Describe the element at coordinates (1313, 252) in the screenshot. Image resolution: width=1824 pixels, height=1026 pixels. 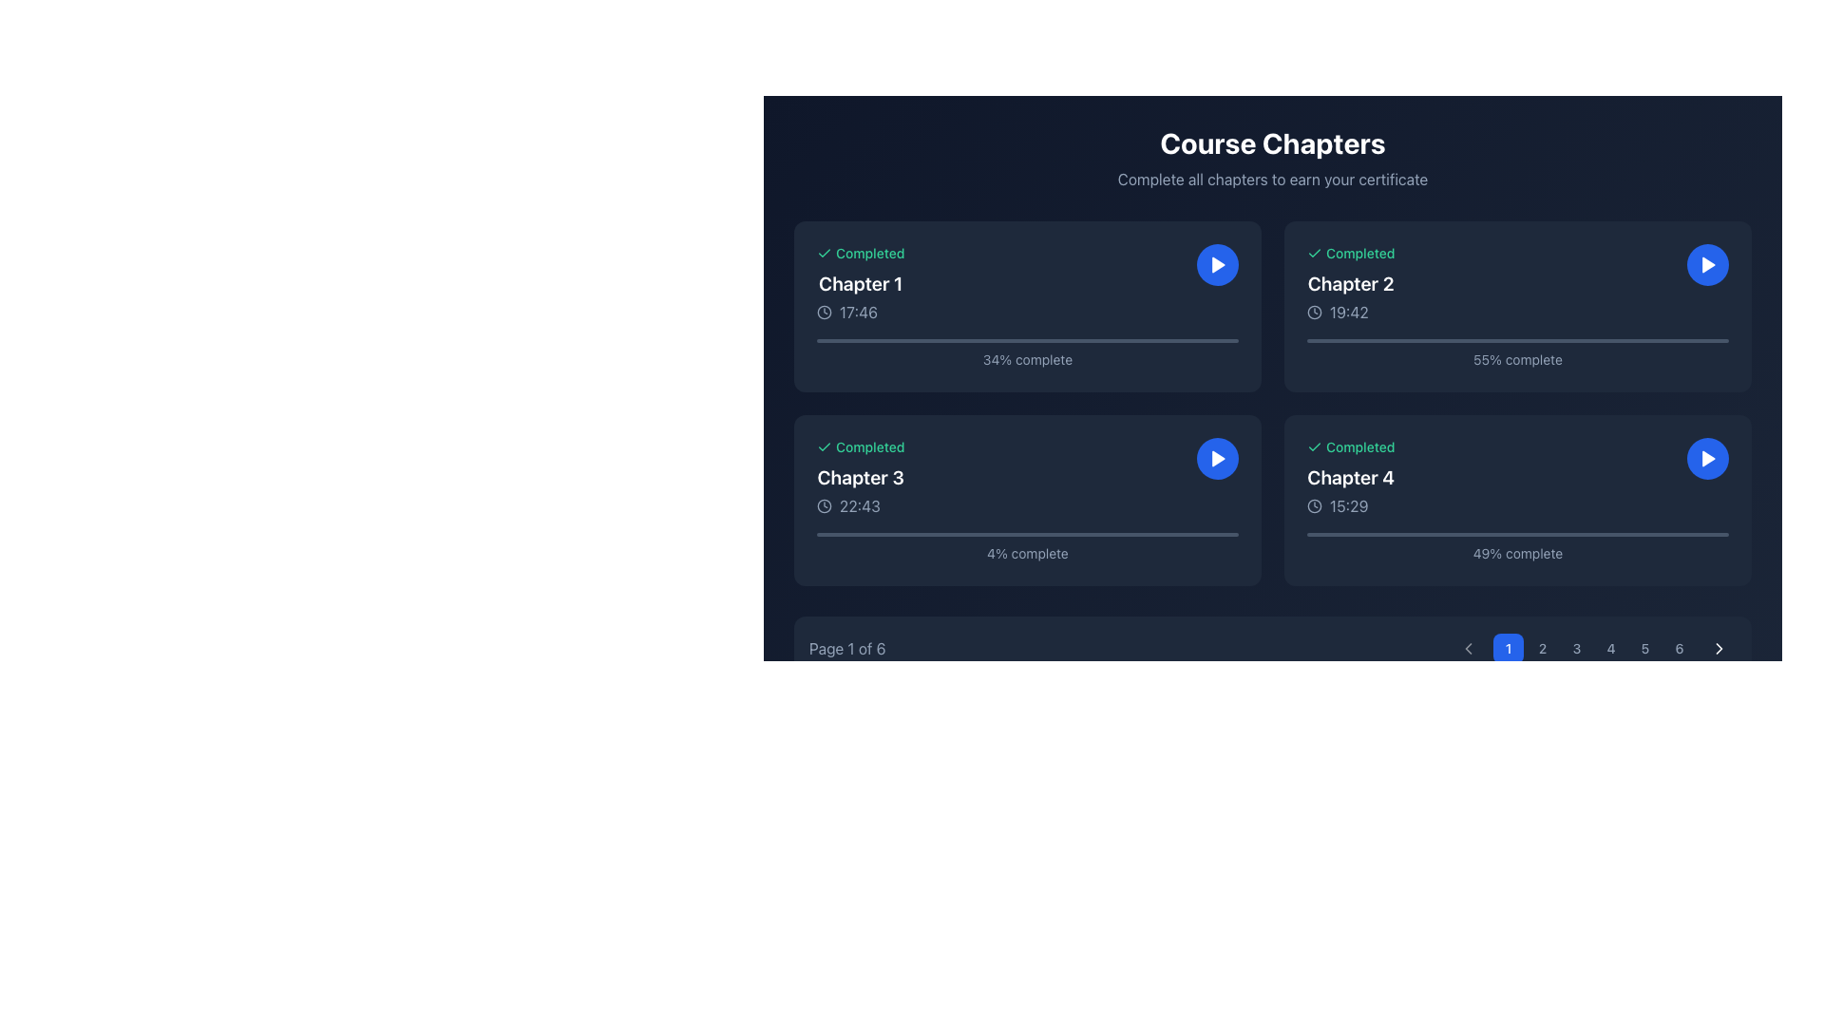
I see `the Checkmark icon indicating the completion status of Chapter 2, located in the top-right quadrant of the interface near the text 'Completed'` at that location.